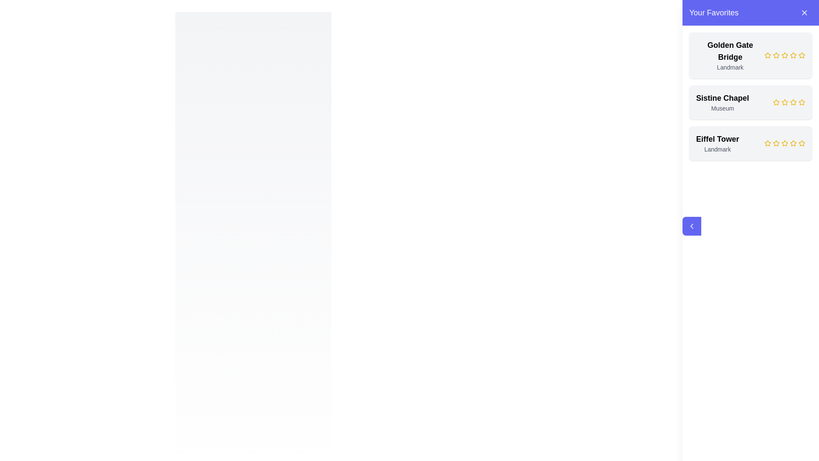  I want to click on the fifth star-shaped rating icon outlined in yellow to rate the 'Golden Gate Bridge' entry in the 'Your Favorites' list, so click(793, 55).